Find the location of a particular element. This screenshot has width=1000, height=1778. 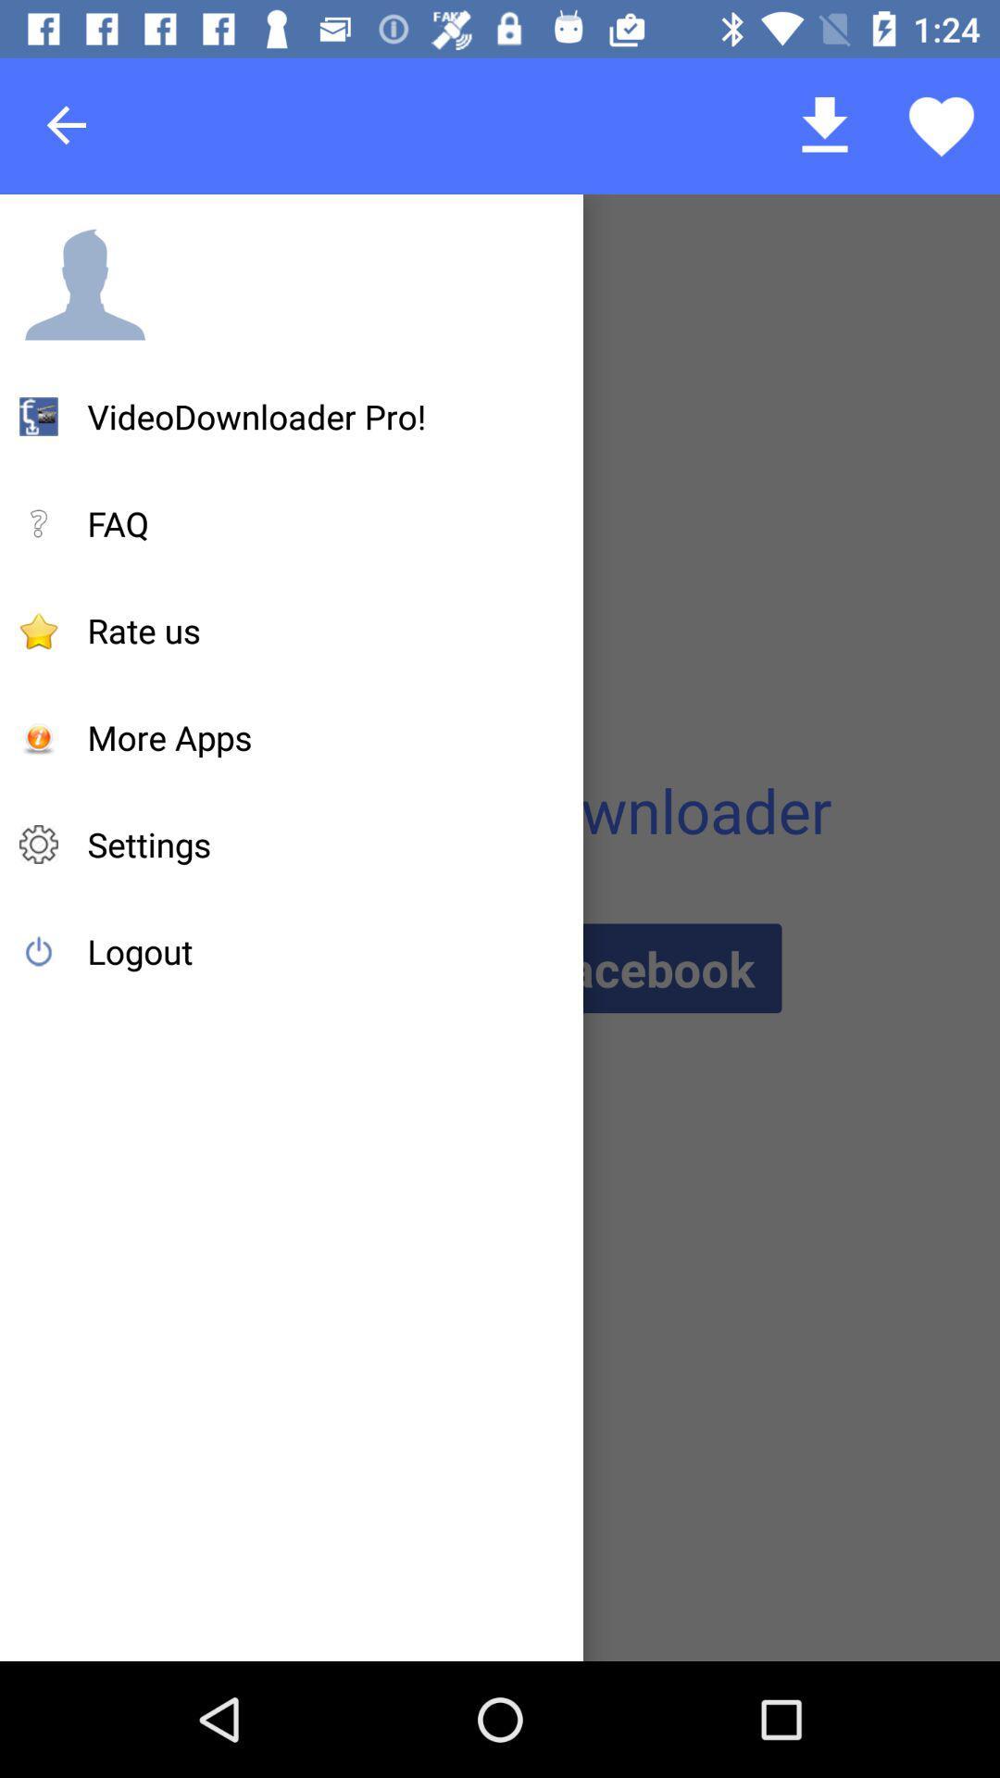

item below the faq icon is located at coordinates (143, 631).